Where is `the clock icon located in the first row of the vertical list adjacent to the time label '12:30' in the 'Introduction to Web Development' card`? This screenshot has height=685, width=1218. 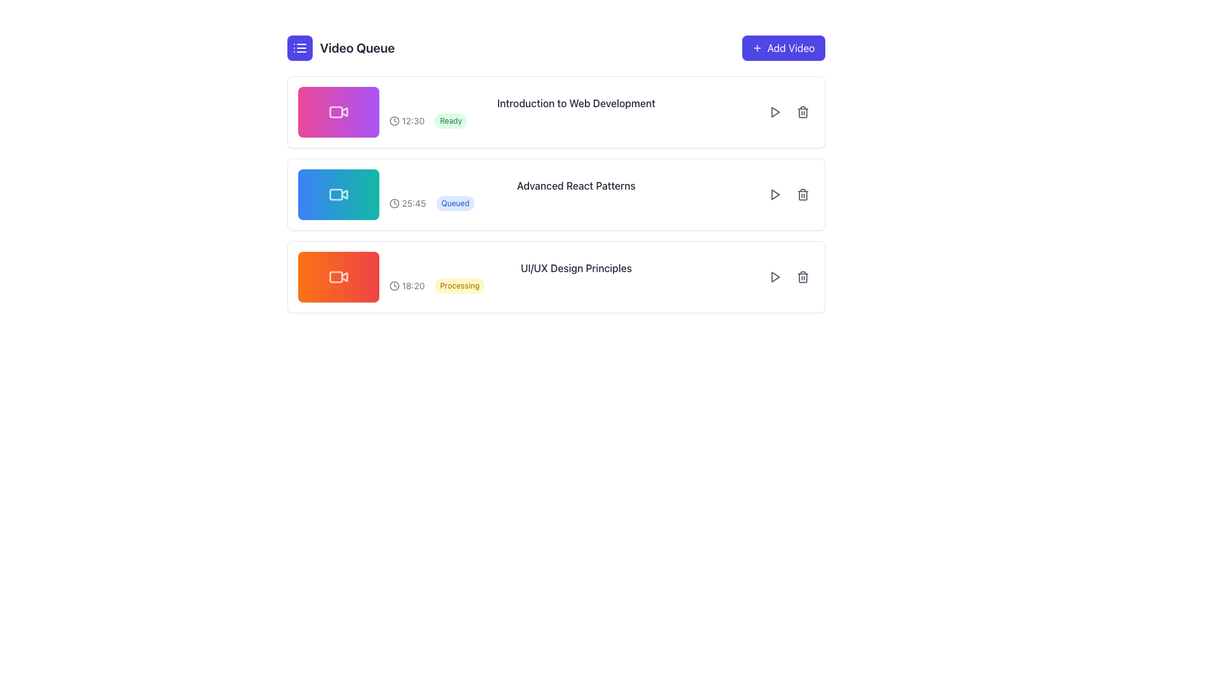
the clock icon located in the first row of the vertical list adjacent to the time label '12:30' in the 'Introduction to Web Development' card is located at coordinates (393, 121).